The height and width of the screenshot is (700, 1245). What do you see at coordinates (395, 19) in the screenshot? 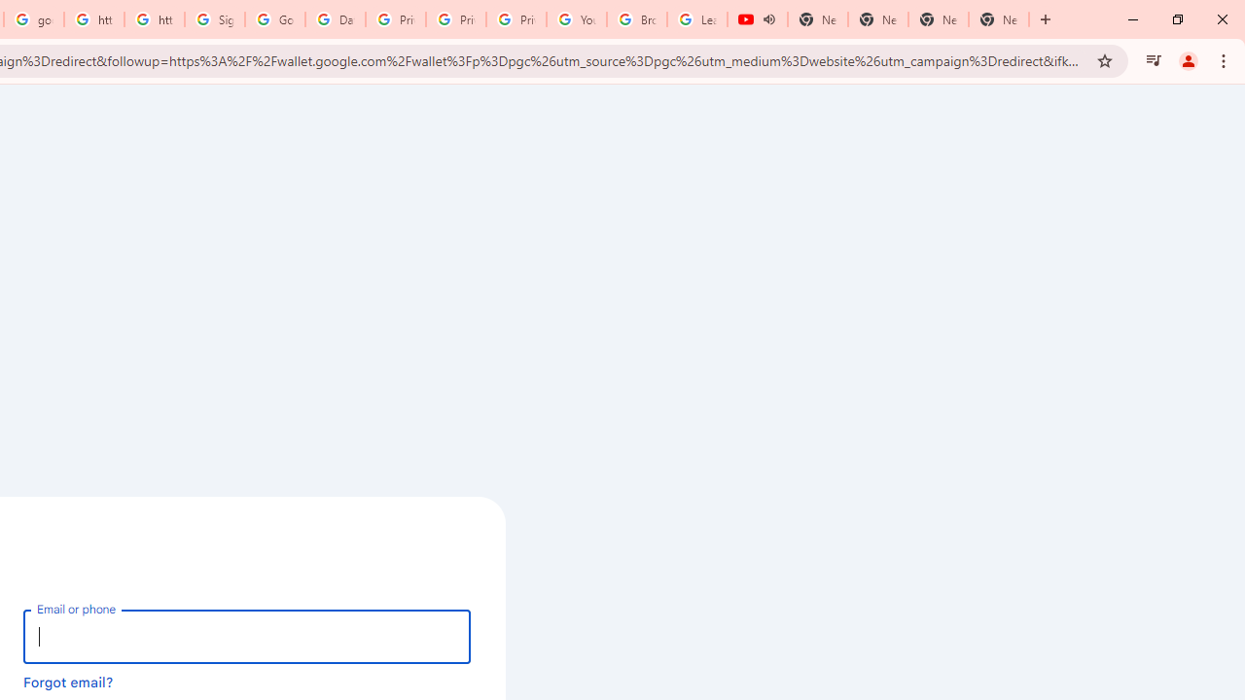
I see `'Privacy Help Center - Policies Help'` at bounding box center [395, 19].